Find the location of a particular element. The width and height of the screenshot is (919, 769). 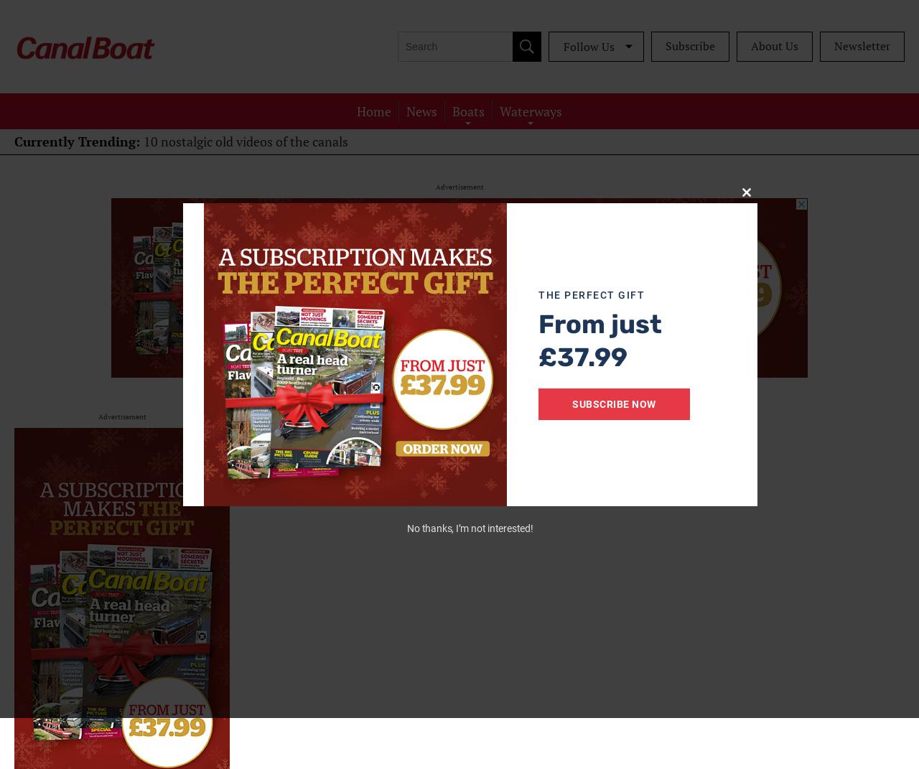

'Home' is located at coordinates (373, 110).